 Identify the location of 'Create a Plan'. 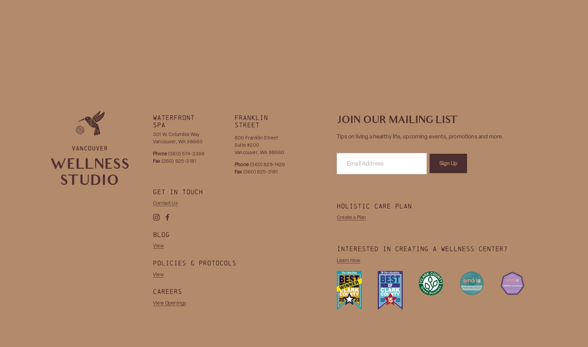
(337, 217).